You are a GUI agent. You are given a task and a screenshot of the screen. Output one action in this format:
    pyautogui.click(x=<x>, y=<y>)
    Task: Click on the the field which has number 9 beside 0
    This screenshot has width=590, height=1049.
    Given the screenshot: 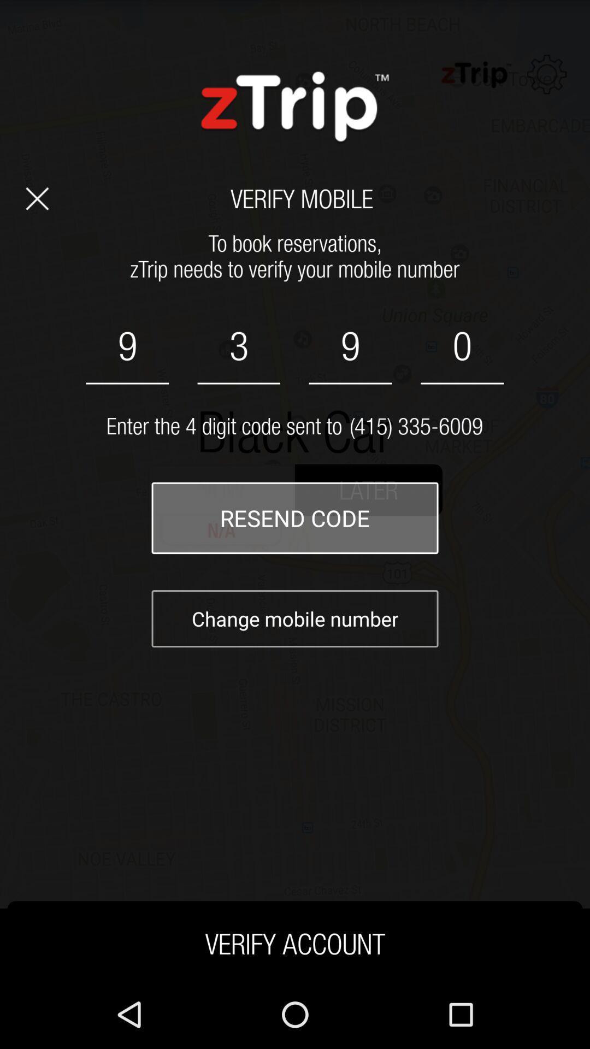 What is the action you would take?
    pyautogui.click(x=350, y=346)
    